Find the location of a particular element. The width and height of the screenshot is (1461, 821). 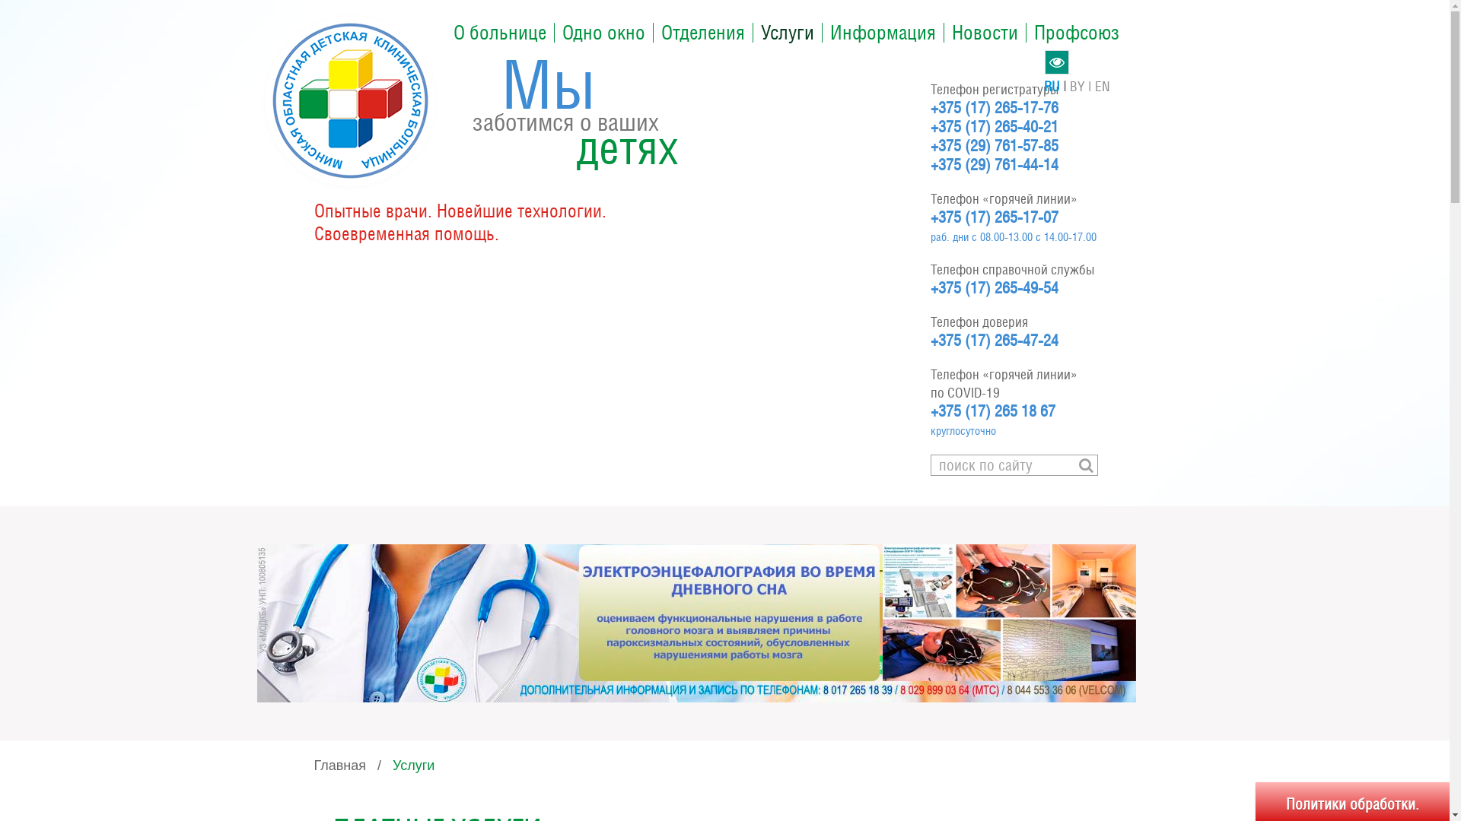

'RU' is located at coordinates (1055, 86).